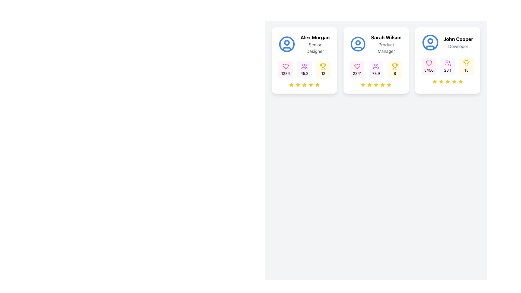 Image resolution: width=521 pixels, height=293 pixels. What do you see at coordinates (448, 70) in the screenshot?
I see `text content of the numerical value label located within the user details card positioned below the user icon and above another text element, specifically in the far-right card of a horizontal row` at bounding box center [448, 70].